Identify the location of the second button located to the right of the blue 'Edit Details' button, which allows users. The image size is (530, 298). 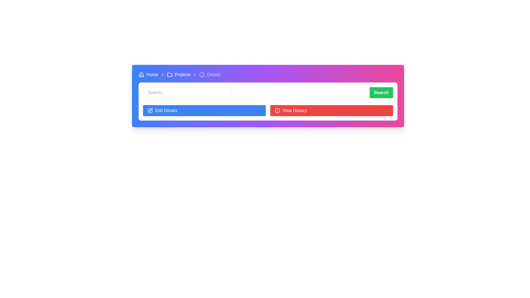
(331, 111).